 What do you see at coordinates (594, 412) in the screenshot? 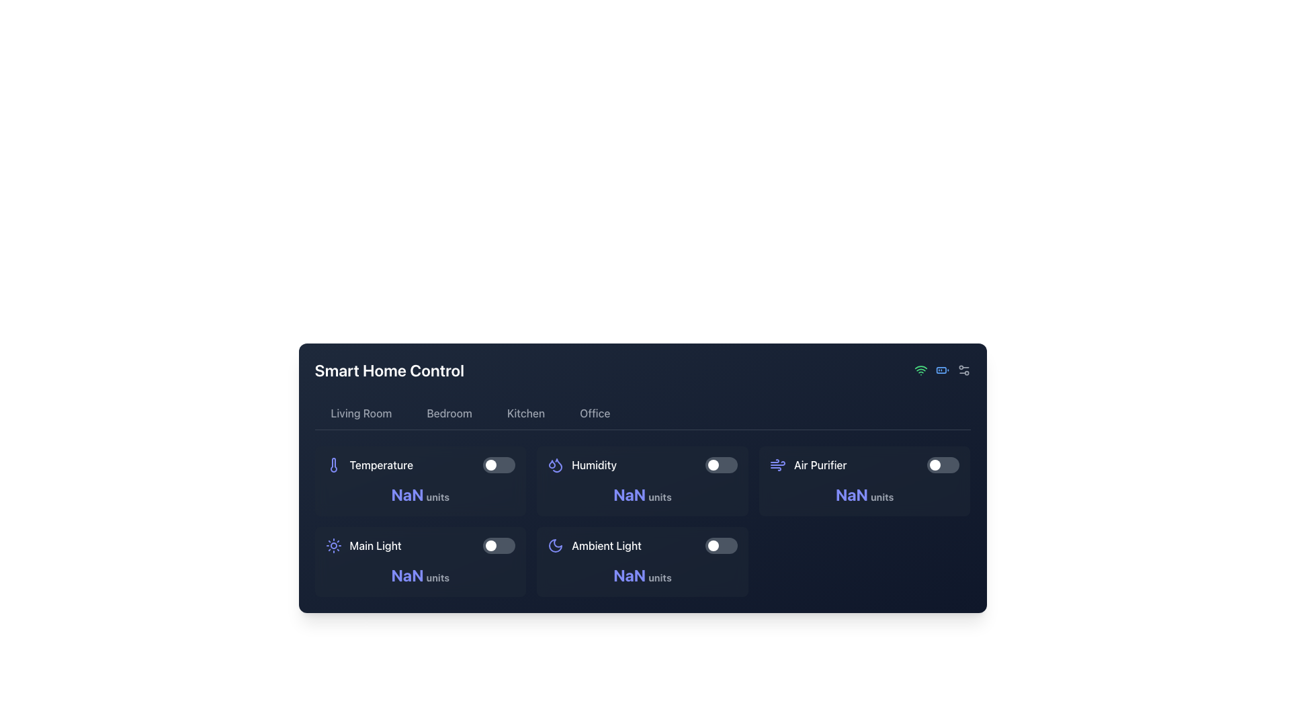
I see `the 'Office' button located in the header section` at bounding box center [594, 412].